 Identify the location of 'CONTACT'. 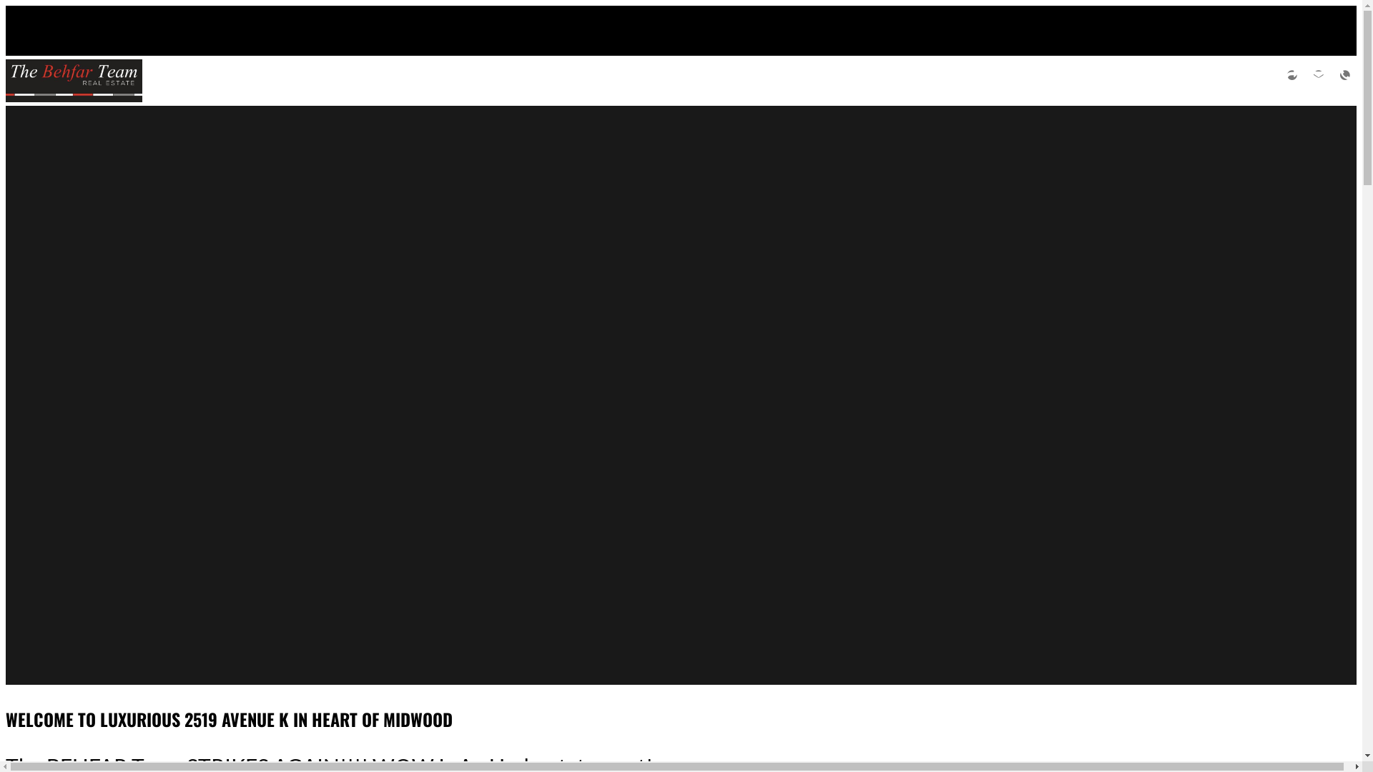
(1344, 80).